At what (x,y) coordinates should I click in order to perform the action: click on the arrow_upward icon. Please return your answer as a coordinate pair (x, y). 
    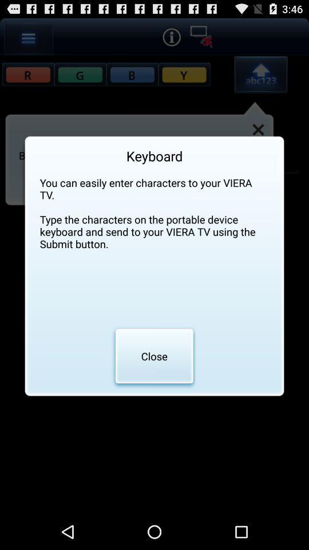
    Looking at the image, I should click on (260, 79).